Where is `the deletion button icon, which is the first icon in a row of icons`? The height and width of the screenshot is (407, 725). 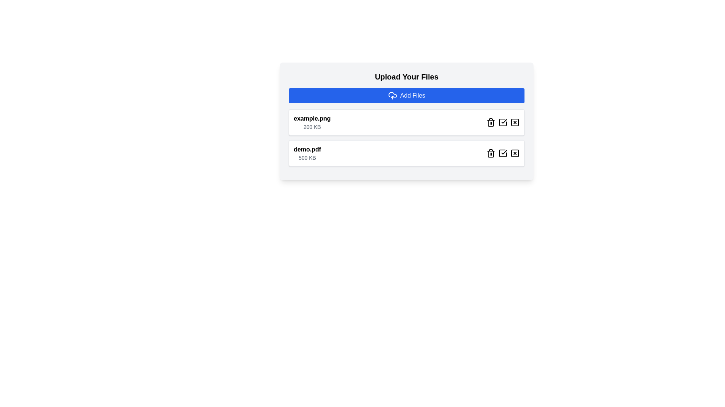 the deletion button icon, which is the first icon in a row of icons is located at coordinates (491, 153).